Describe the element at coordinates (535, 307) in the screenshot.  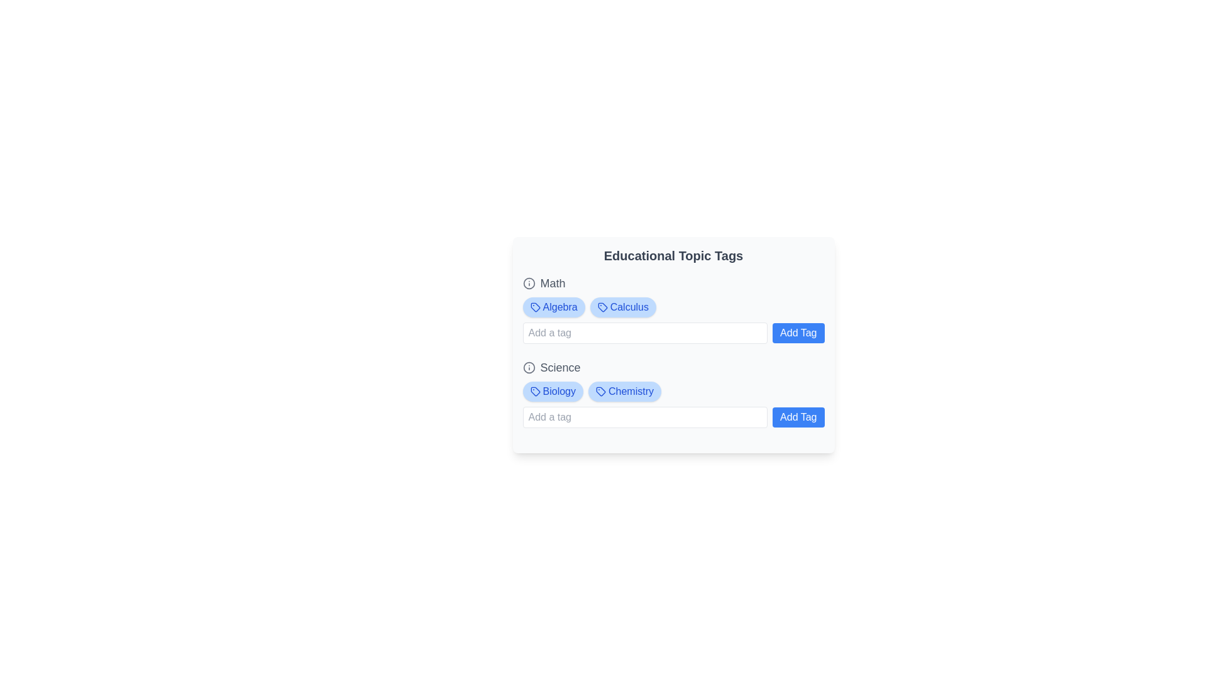
I see `the tag icon located to the left of the 'Algebra' text within the Math category section, if it is enabled` at that location.